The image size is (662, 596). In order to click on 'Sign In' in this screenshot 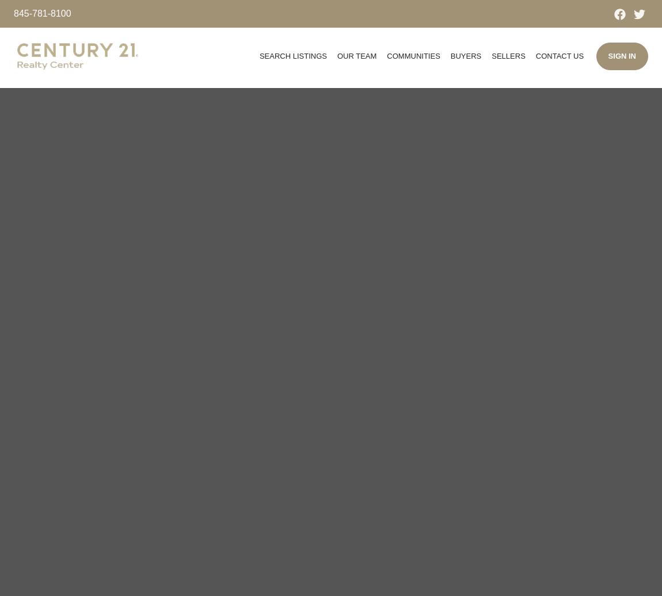, I will do `click(608, 56)`.